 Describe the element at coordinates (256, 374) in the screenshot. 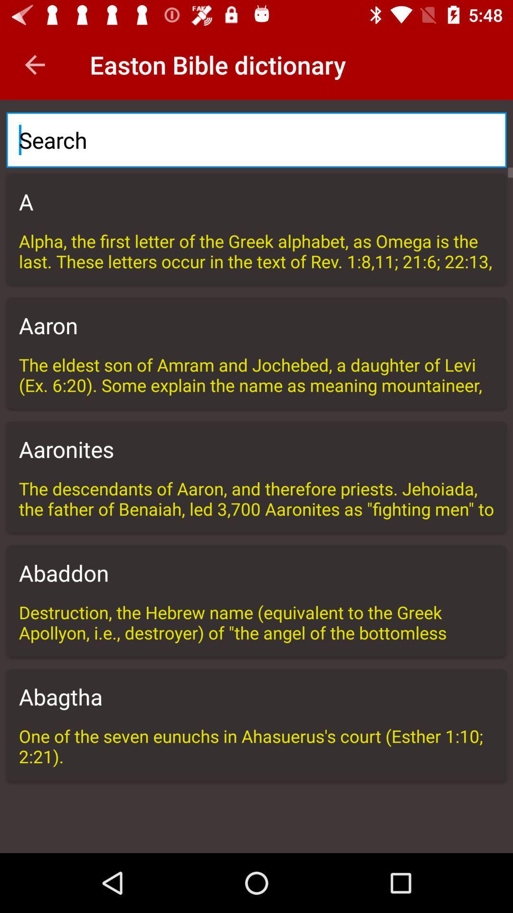

I see `the the eldest son icon` at that location.